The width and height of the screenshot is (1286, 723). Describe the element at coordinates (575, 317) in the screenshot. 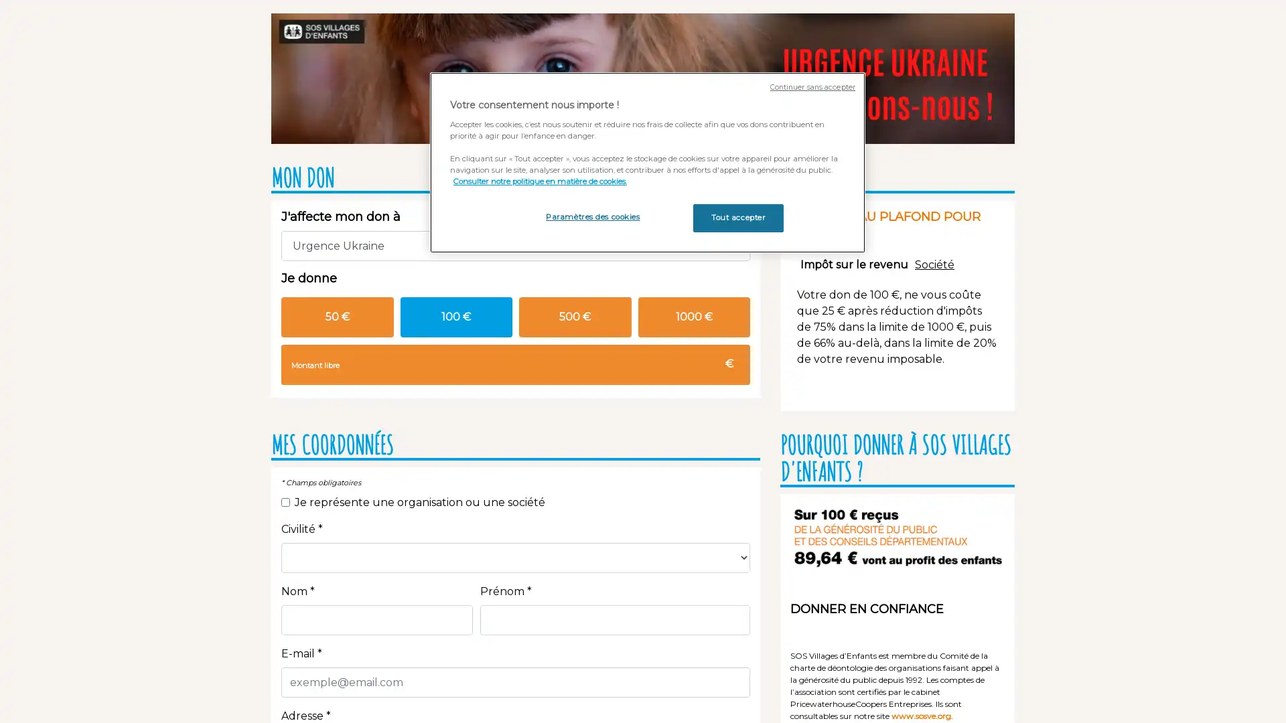

I see `500` at that location.